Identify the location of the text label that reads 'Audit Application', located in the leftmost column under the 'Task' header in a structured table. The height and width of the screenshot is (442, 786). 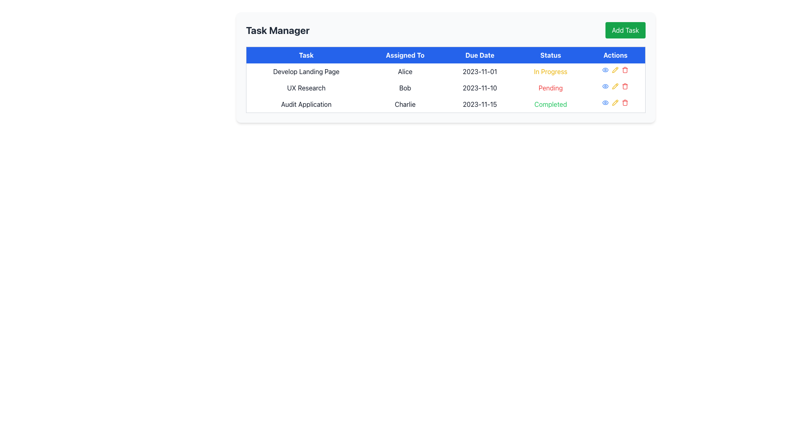
(306, 104).